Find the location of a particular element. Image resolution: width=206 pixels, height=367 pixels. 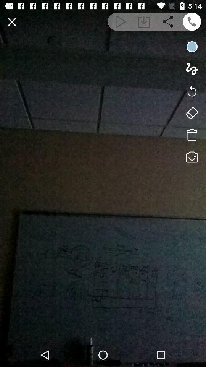

the edit section is located at coordinates (11, 21).